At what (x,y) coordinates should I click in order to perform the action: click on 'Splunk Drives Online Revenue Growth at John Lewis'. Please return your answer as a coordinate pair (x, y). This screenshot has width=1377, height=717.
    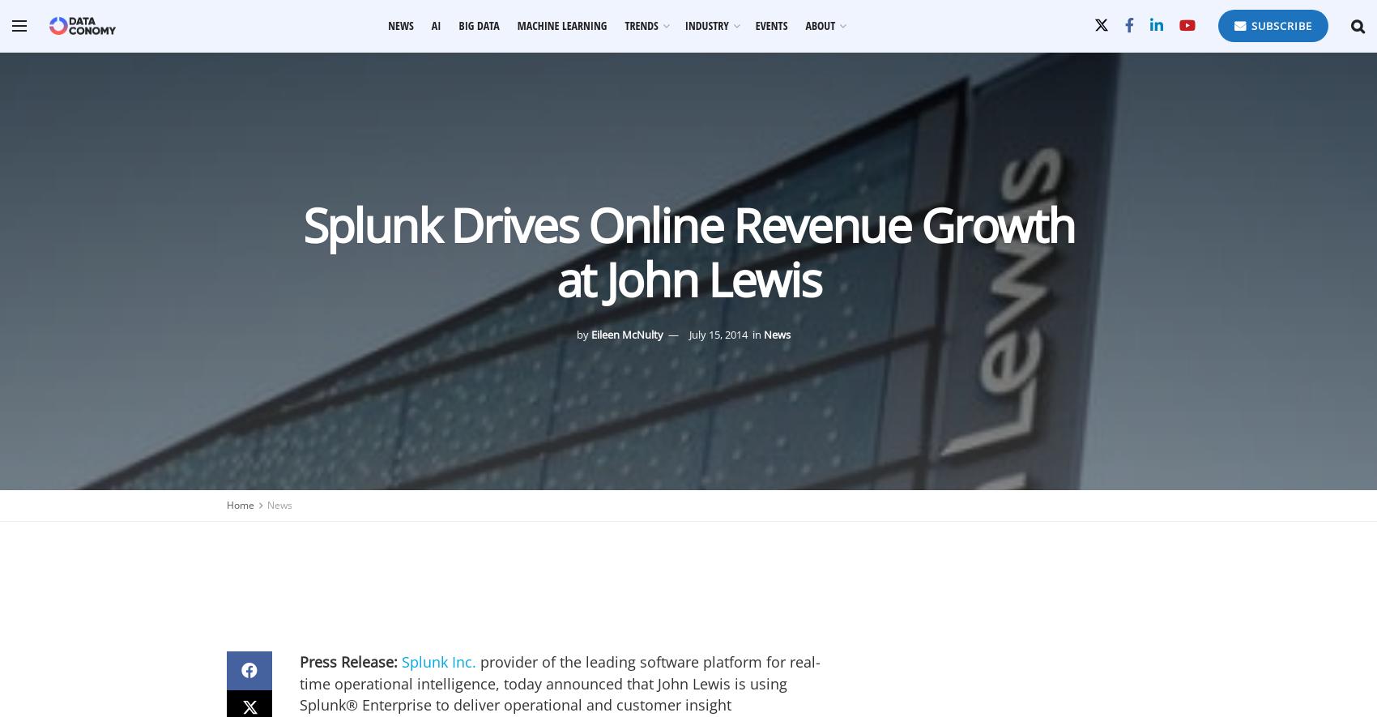
    Looking at the image, I should click on (687, 250).